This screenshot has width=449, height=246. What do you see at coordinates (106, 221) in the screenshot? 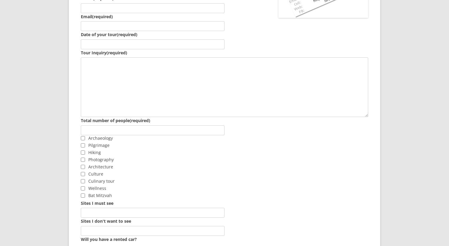
I see `'Sites I don't want to see'` at bounding box center [106, 221].